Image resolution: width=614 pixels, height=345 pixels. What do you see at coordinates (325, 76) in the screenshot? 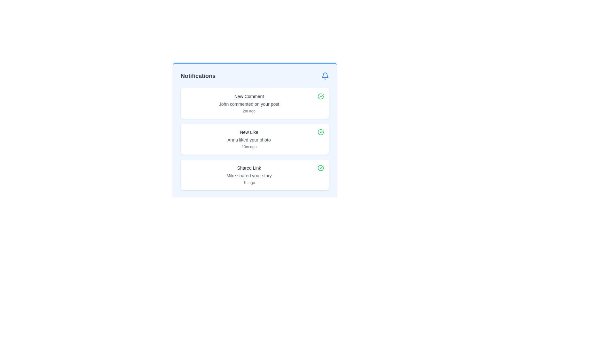
I see `the blue bell-shaped notification icon located at the top-right corner of the 'Notifications' section` at bounding box center [325, 76].